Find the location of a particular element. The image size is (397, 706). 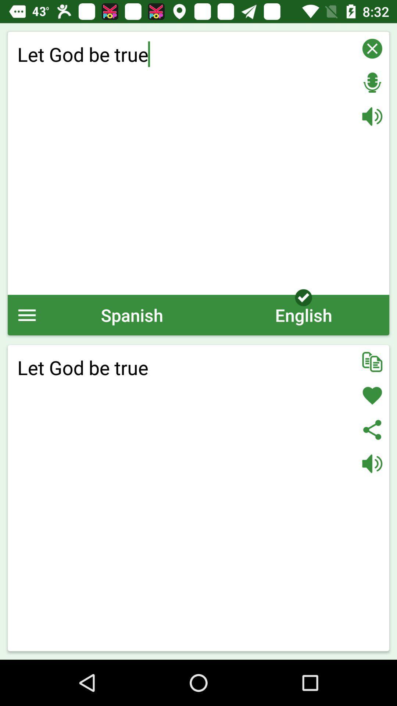

share translation is located at coordinates (372, 429).